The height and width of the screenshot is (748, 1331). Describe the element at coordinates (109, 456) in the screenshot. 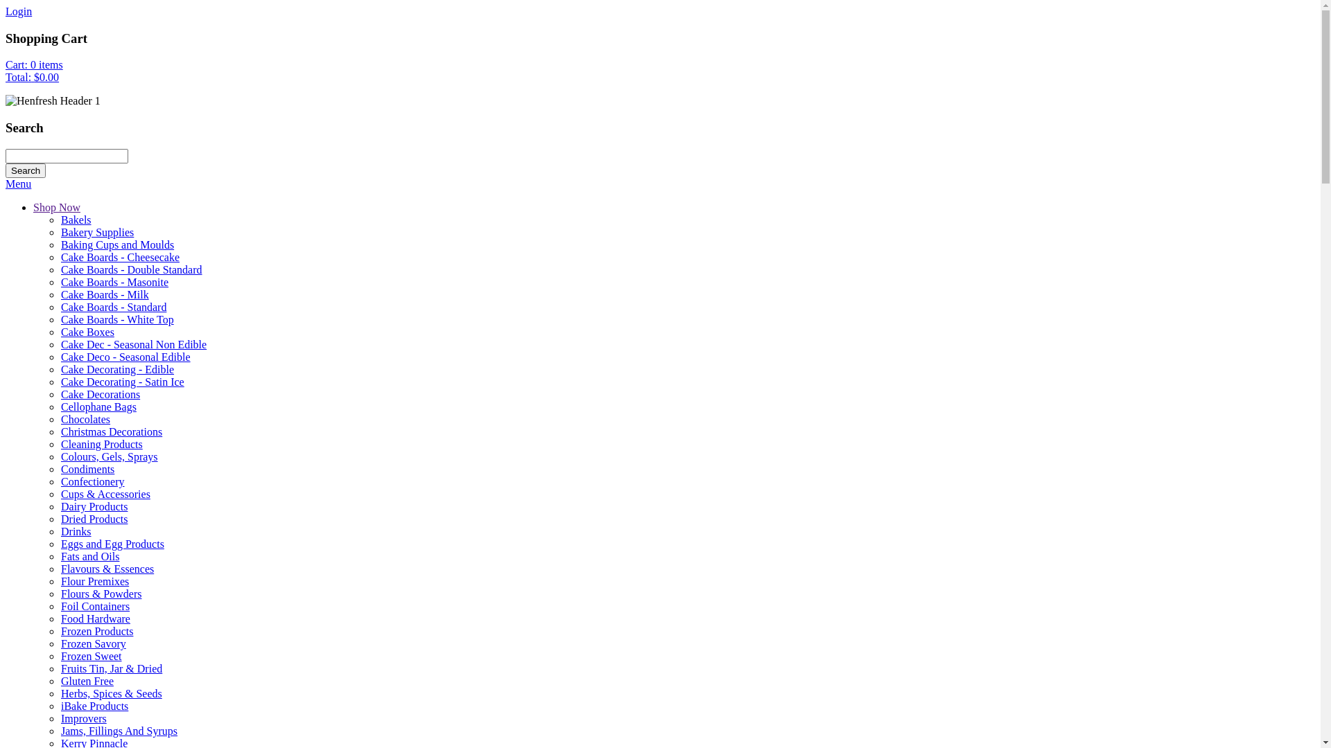

I see `'Colours, Gels, Sprays'` at that location.